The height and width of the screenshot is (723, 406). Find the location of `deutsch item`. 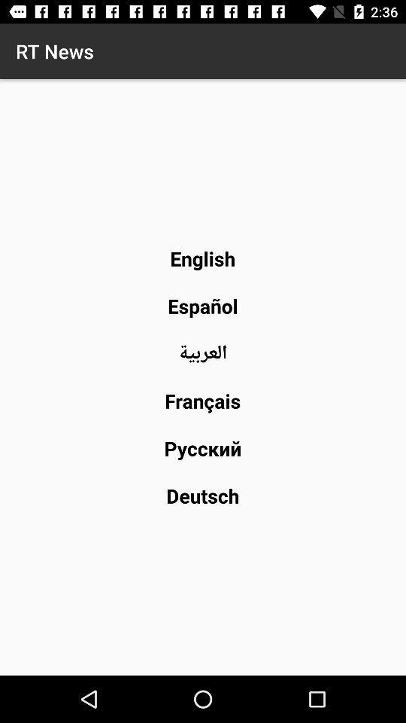

deutsch item is located at coordinates (202, 495).